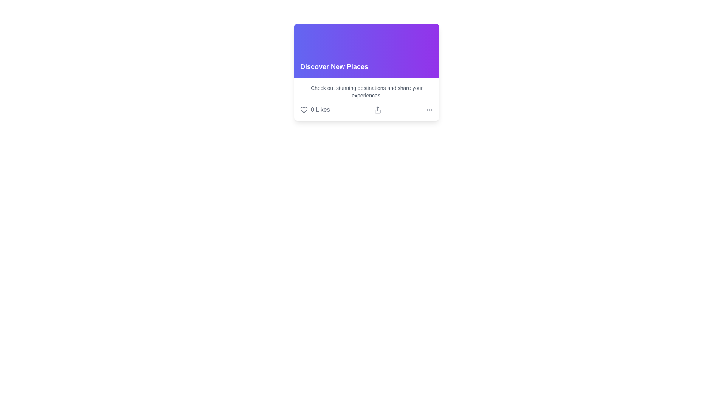  What do you see at coordinates (304, 110) in the screenshot?
I see `the like icon positioned on the left side of the group containing '0 Likes' at the bottom left section of the card interface` at bounding box center [304, 110].